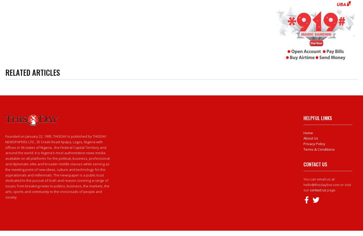 The image size is (363, 236). What do you see at coordinates (57, 166) in the screenshot?
I see `'Founded on January 22, 1995, THISDAY is published by THISDAY NEWSPAPERS LTD., 35 Creek Road Apapa, Lagos, Nigeria with offices in 36 states of Nigeria , the Federal Capital Territory and around the world. It is Nigeria’s most authoritative news media available on all platforms for the political, business, professional and diplomatic elite and broader middle classes while serving as the meeting point of new ideas, culture and technology for the aspirationals and millennials. The newspaper is a public trust dedicated to the pursuit of truth and reason covering a range of issues from breaking news to politics, business, the markets, the arts, sports and community to the crossroads of people and society.'` at bounding box center [57, 166].